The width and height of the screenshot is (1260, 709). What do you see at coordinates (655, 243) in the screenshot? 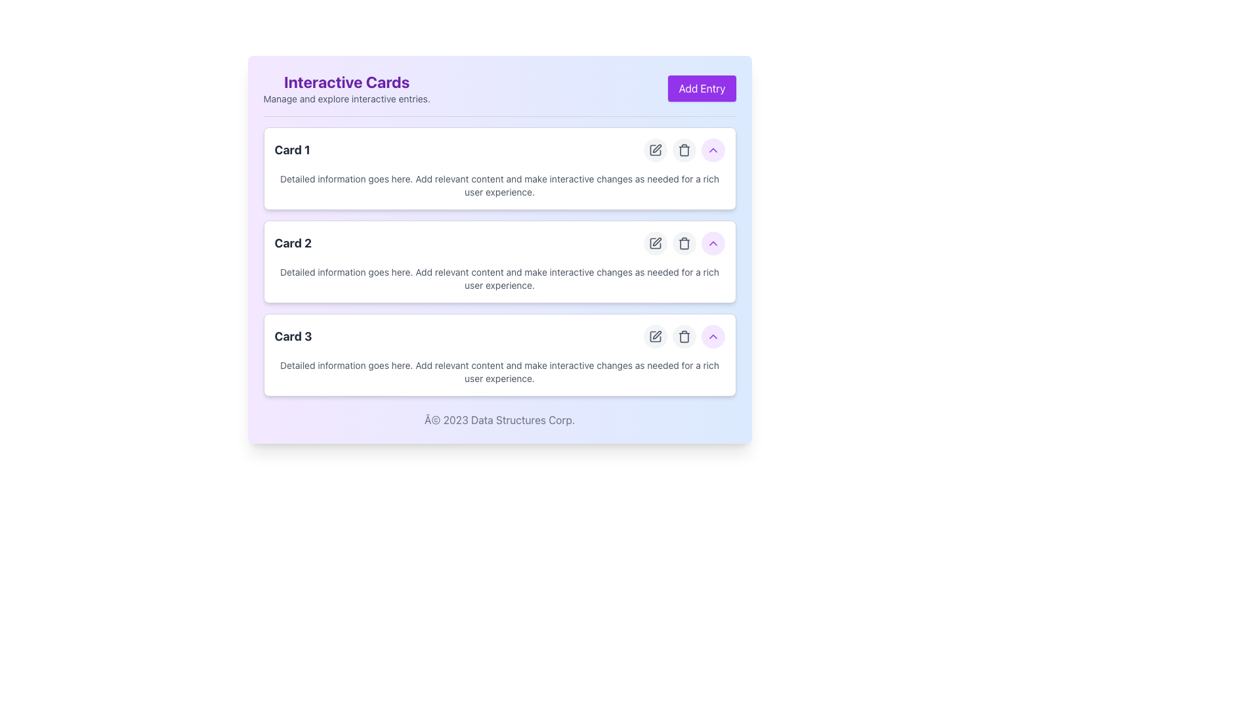
I see `the edit action Button Icon located within a circular button with a light gray background on the right side of the second card in a vertical list of cards` at bounding box center [655, 243].